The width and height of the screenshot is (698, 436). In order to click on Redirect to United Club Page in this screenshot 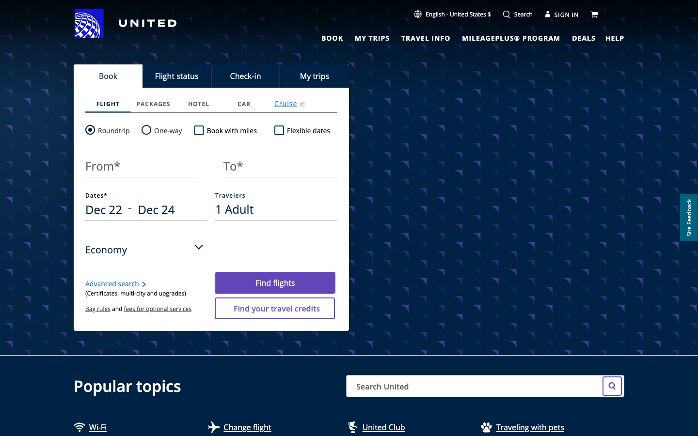, I will do `click(406, 429)`.